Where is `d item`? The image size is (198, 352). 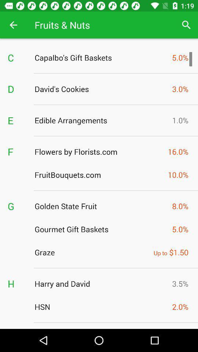 d item is located at coordinates (17, 88).